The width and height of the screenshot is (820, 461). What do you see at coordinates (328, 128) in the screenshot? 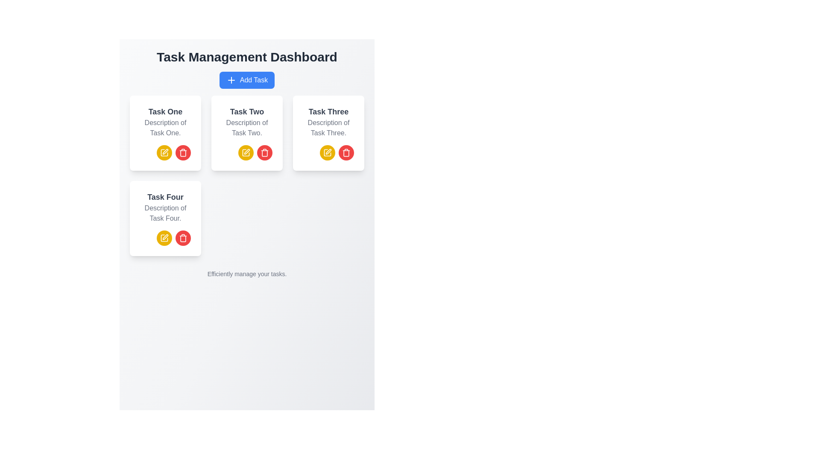
I see `static text element that displays 'Description of Task Three.' This element is positioned below the title 'Task Three' and above the interactive buttons within the third task card on the task management dashboard` at bounding box center [328, 128].